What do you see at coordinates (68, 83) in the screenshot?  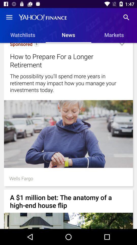 I see `item below the how to prepare icon` at bounding box center [68, 83].